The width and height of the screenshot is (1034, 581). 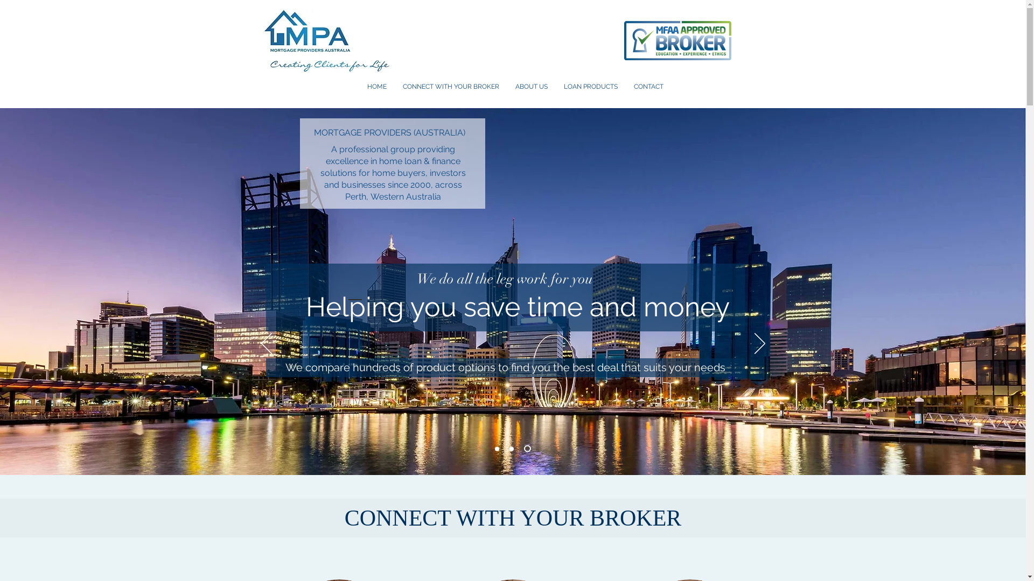 What do you see at coordinates (325, 40) in the screenshot?
I see `'MPA_Chad Logo from Caris - 2013 07 03.jpg'` at bounding box center [325, 40].